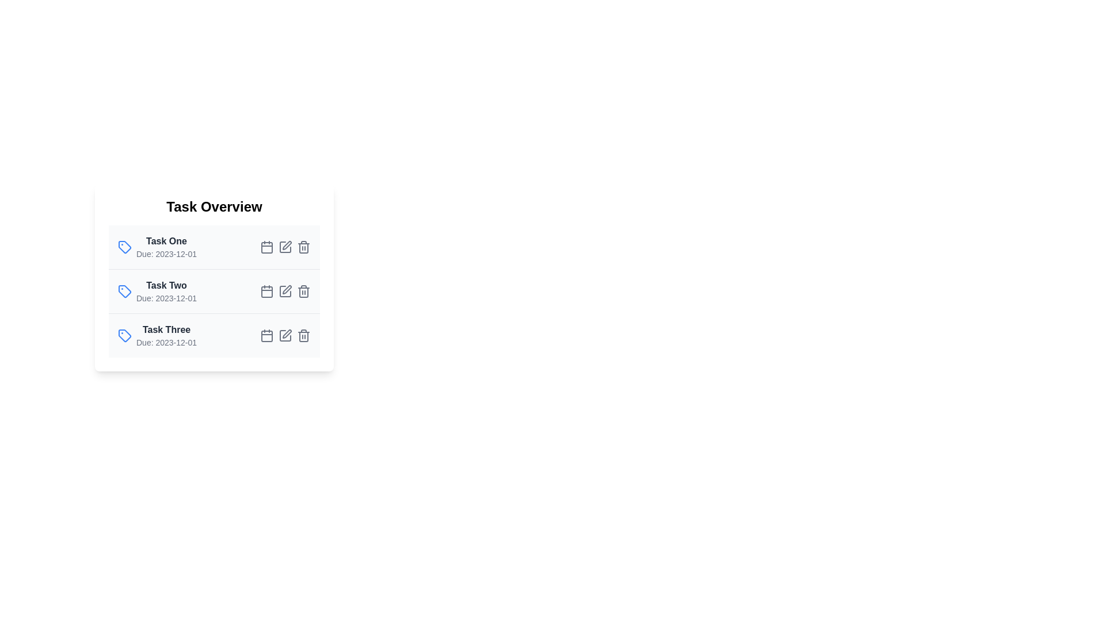 The height and width of the screenshot is (621, 1105). I want to click on the tag icon located on the left side of the 'Task Overview' widget, which visually symbolizes tagging or categorization for the task next to it, so click(124, 335).